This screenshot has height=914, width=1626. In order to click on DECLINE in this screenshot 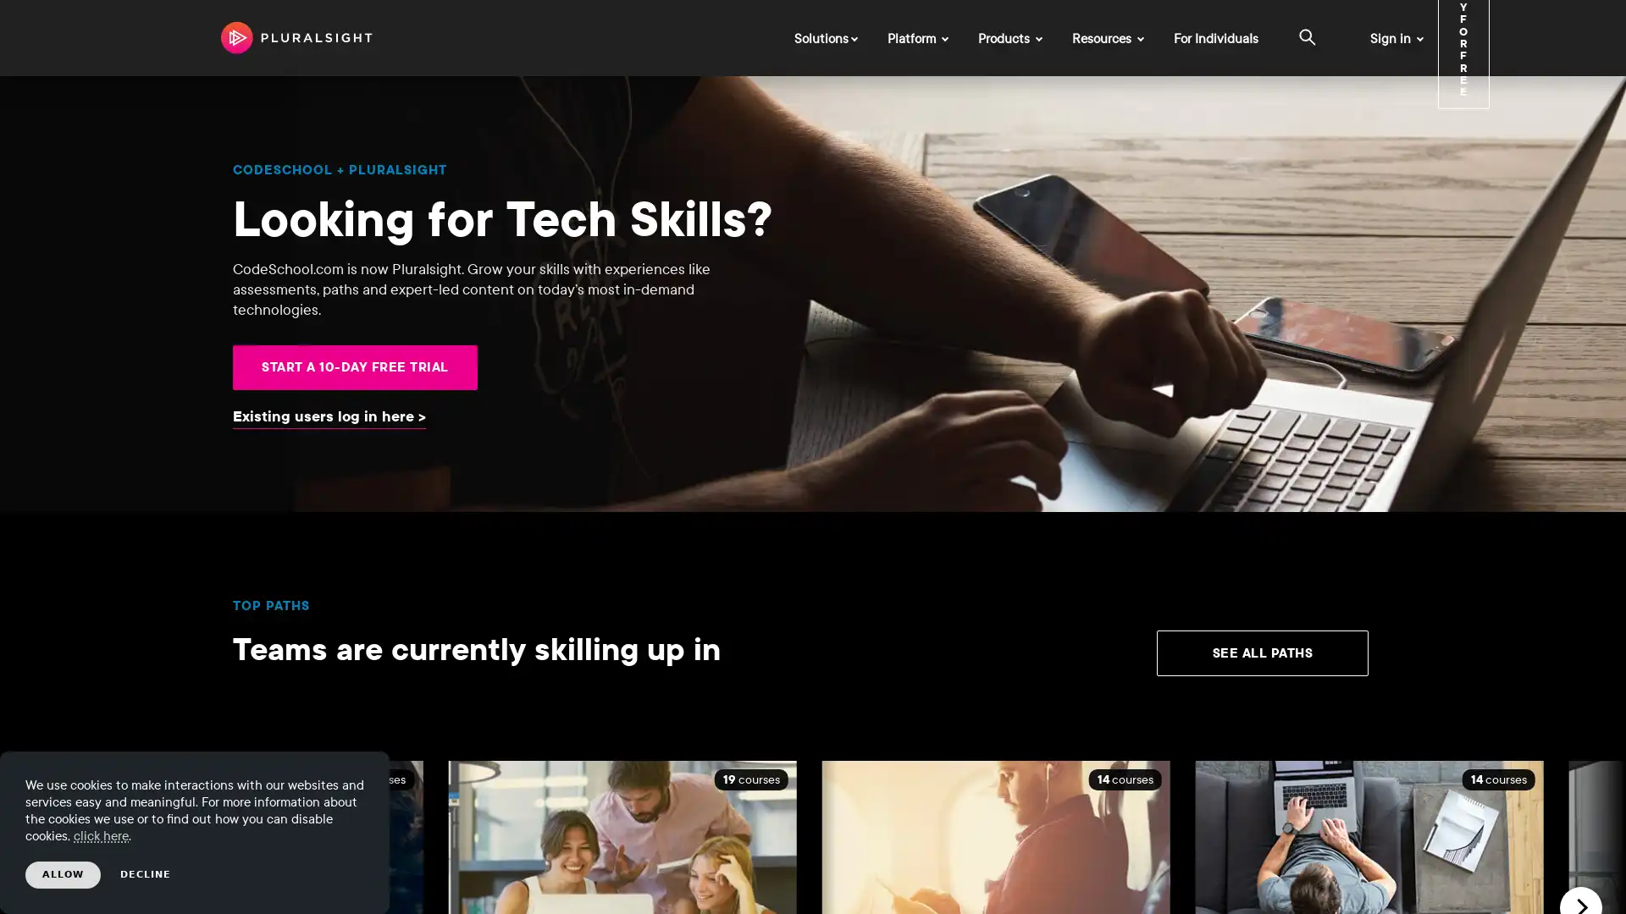, I will do `click(146, 874)`.